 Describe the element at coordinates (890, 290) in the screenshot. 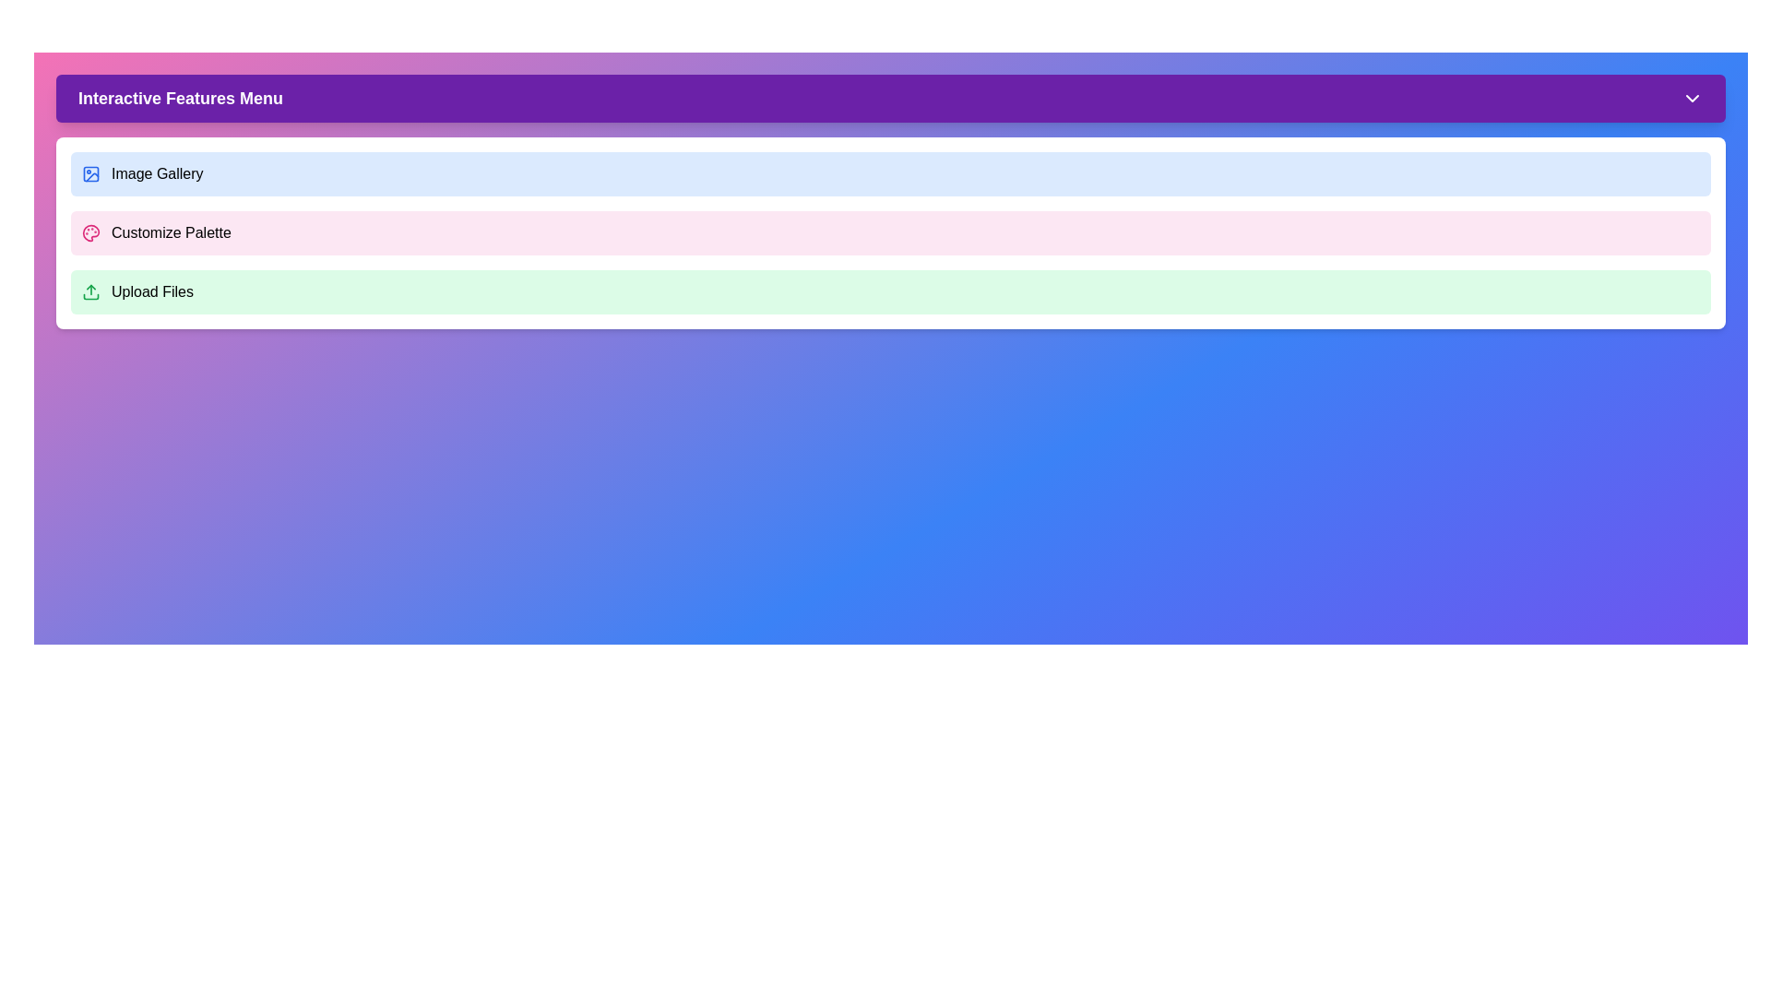

I see `the 'Upload Files' option in the menu` at that location.